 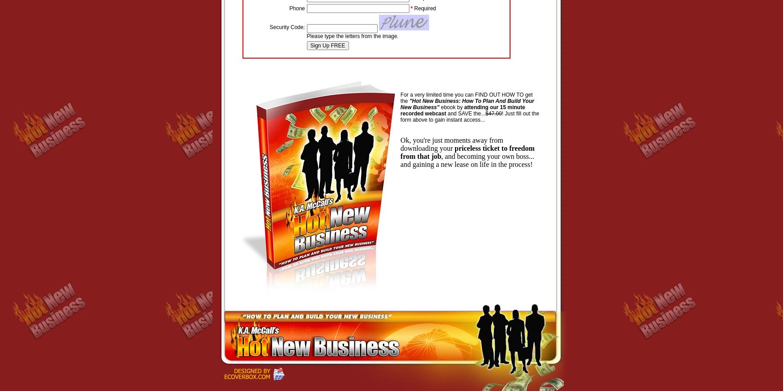 What do you see at coordinates (466, 98) in the screenshot?
I see `'For a very limited time you can FIND OUT HOW TO get the'` at bounding box center [466, 98].